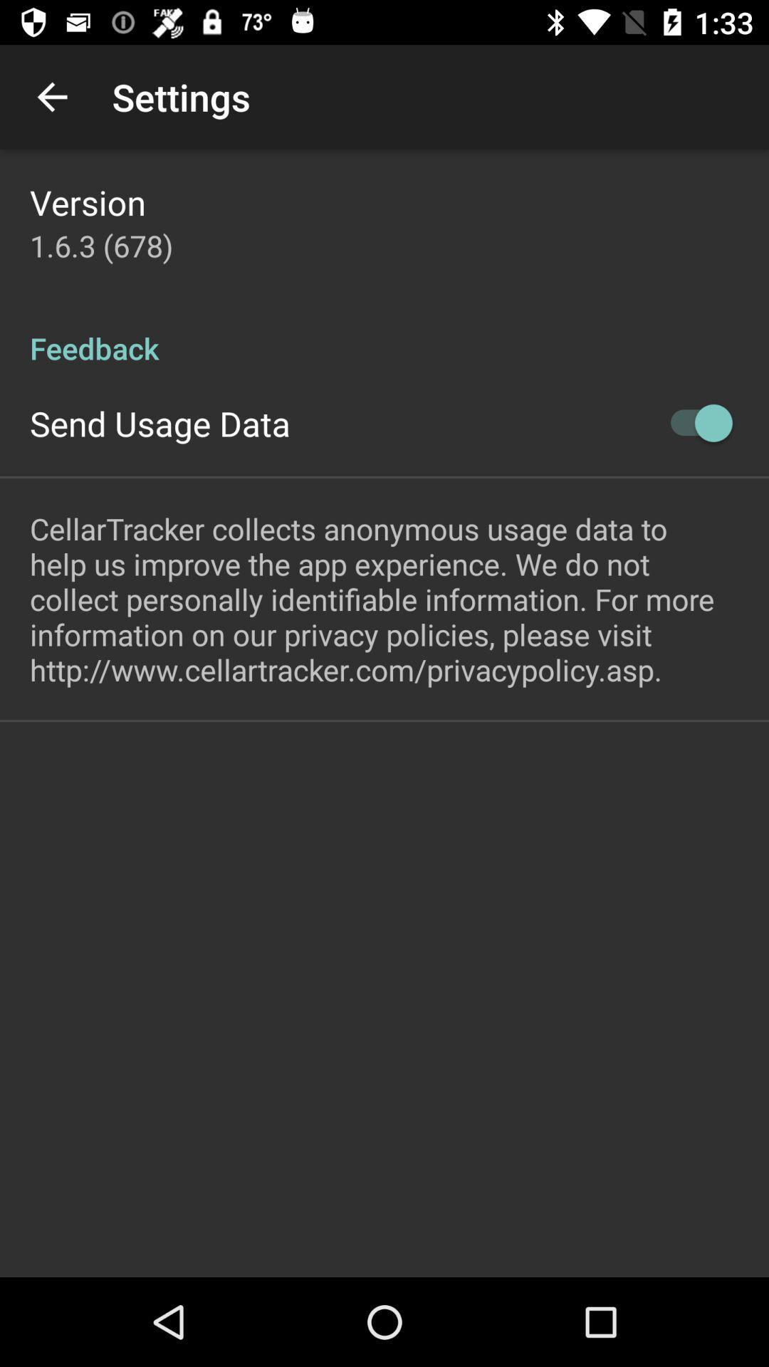  I want to click on version app, so click(88, 201).